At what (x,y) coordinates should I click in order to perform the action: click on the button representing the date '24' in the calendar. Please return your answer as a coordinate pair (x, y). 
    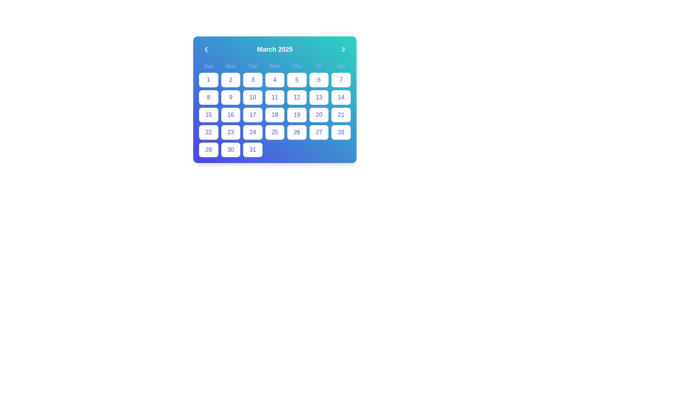
    Looking at the image, I should click on (253, 132).